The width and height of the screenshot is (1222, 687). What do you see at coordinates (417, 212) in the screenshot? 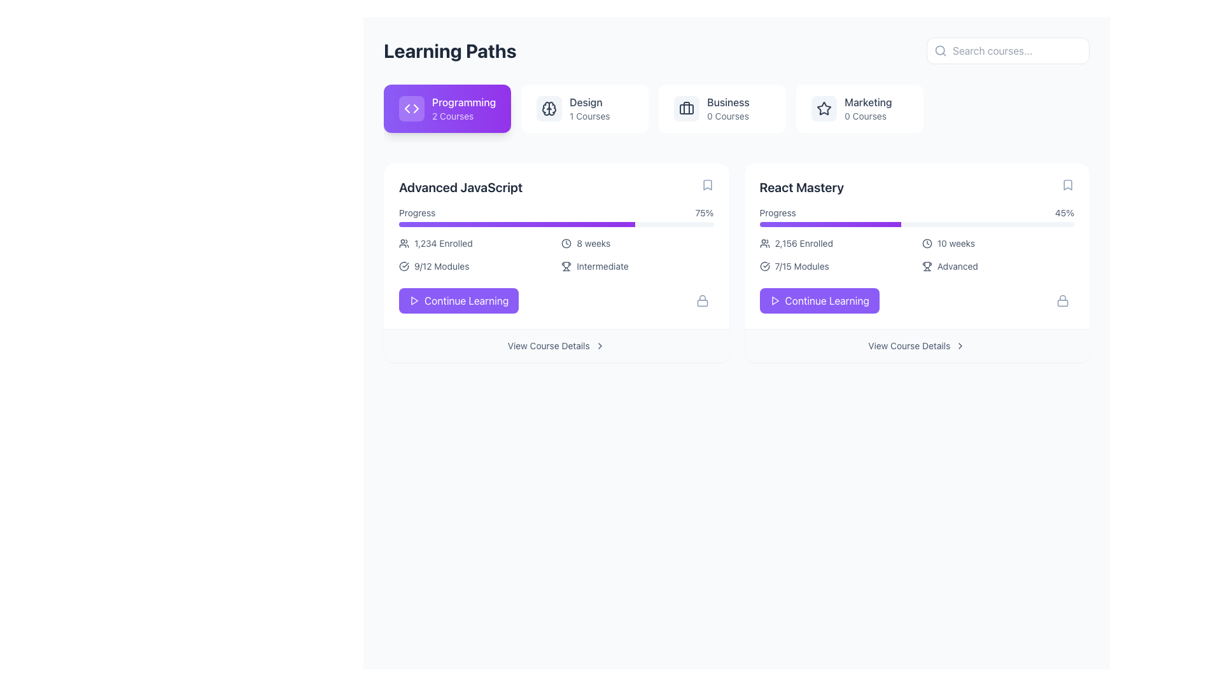
I see `the 'Progress' text label, which is part of the course progress section in the 'Advanced JavaScript' card under the 'Programming' section` at bounding box center [417, 212].